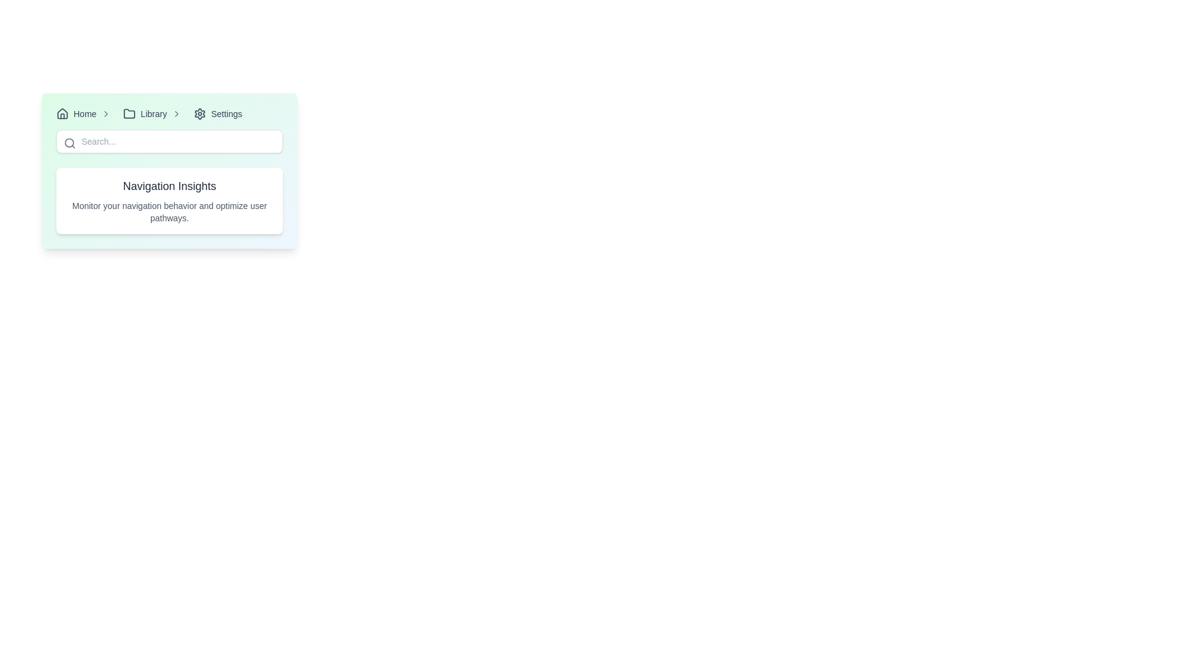  Describe the element at coordinates (85, 113) in the screenshot. I see `the leftmost navigation link in the horizontal navigation bar` at that location.